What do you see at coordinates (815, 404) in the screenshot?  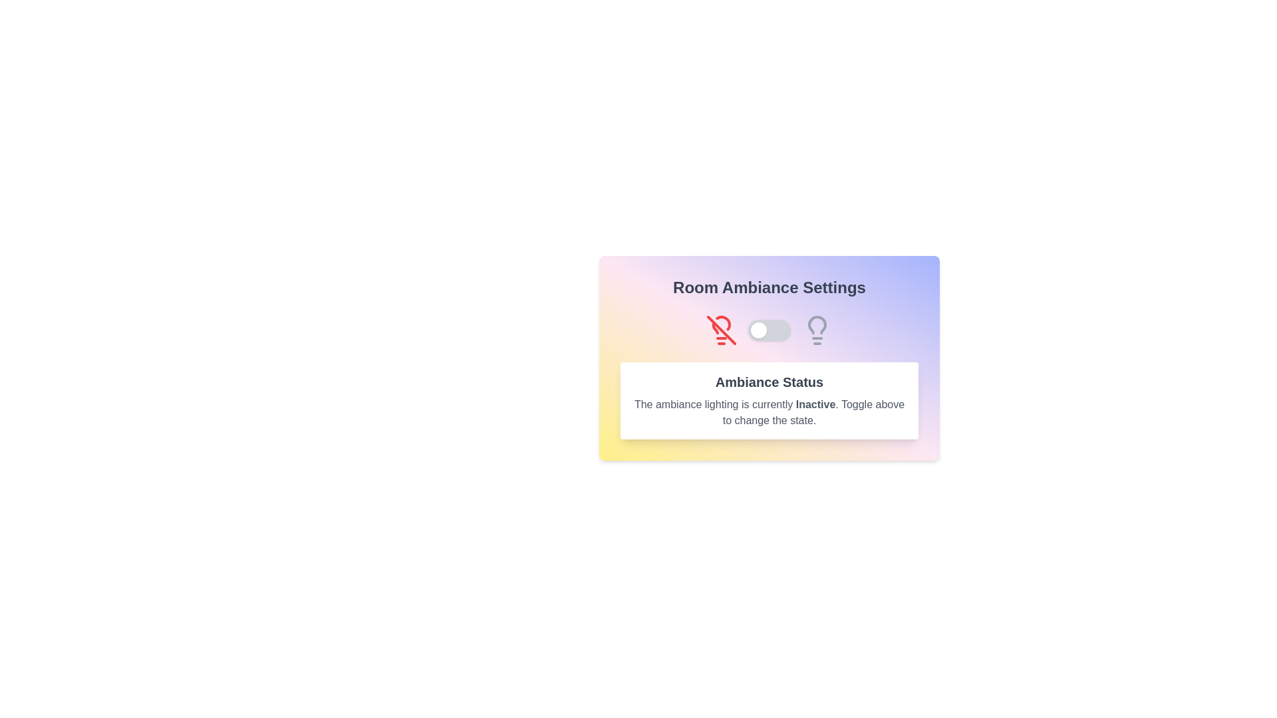 I see `the Text label displaying the current state of ambiance lighting, which indicates whether it is active or inactive, located under the toggle switch in the rectangular white box titled 'Ambiance Status'` at bounding box center [815, 404].